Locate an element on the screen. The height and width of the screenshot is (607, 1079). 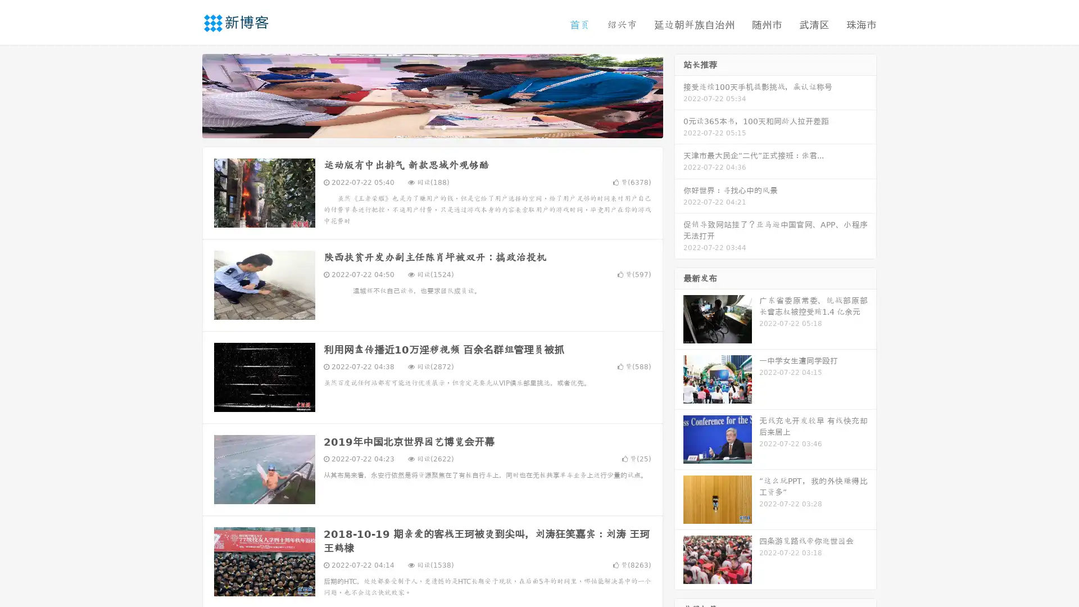
Next slide is located at coordinates (679, 94).